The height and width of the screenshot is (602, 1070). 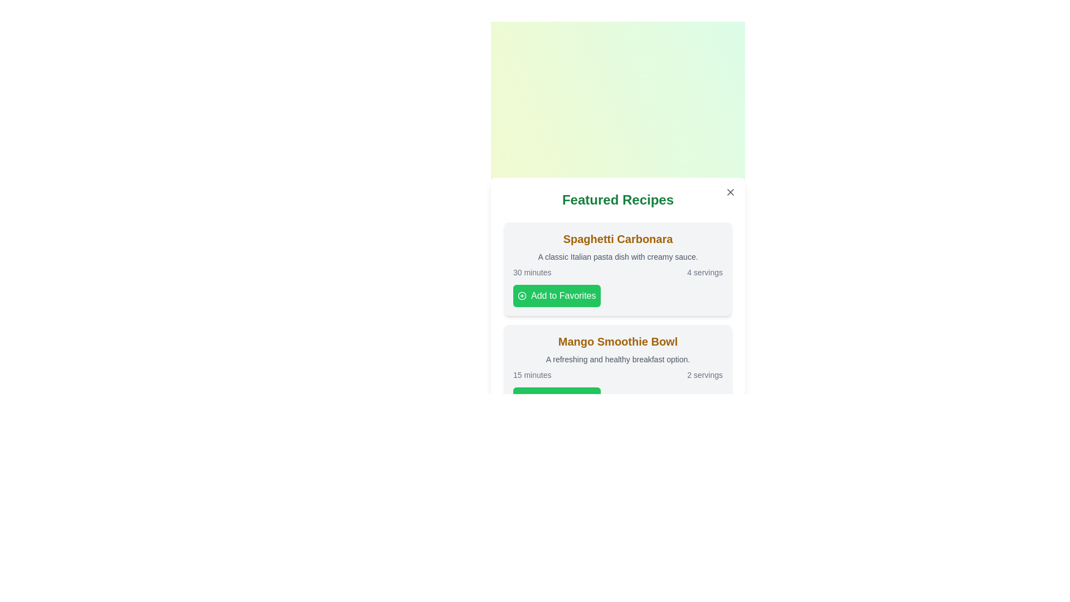 What do you see at coordinates (557, 397) in the screenshot?
I see `the green button labeled 'Add to Favorites' located at the bottom of the smoothie bowl recipe card` at bounding box center [557, 397].